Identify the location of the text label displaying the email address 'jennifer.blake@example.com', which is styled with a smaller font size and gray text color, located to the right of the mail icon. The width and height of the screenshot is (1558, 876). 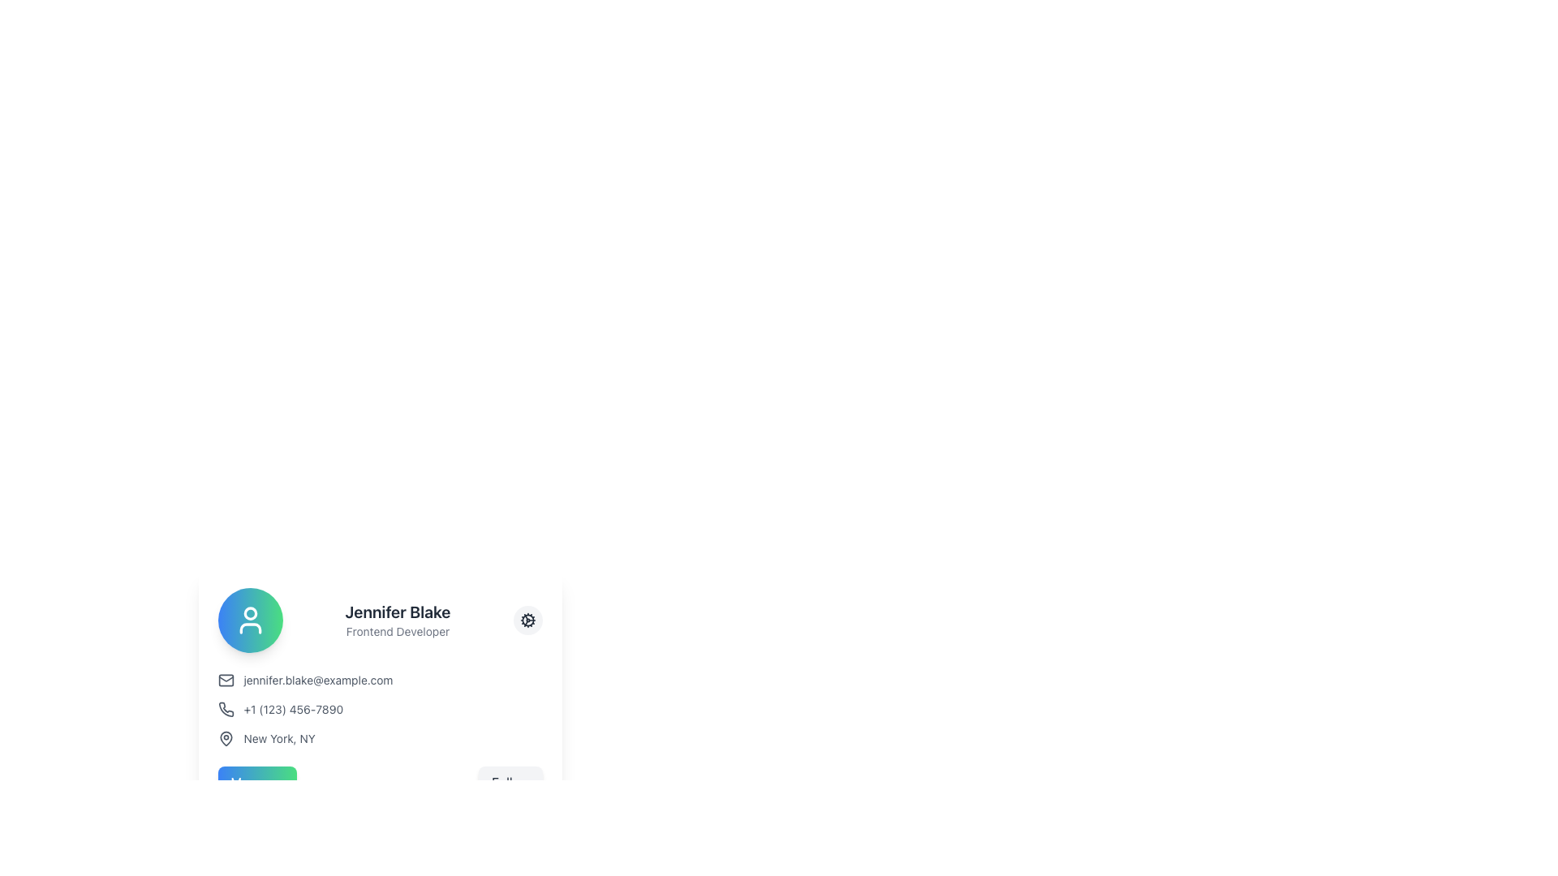
(318, 681).